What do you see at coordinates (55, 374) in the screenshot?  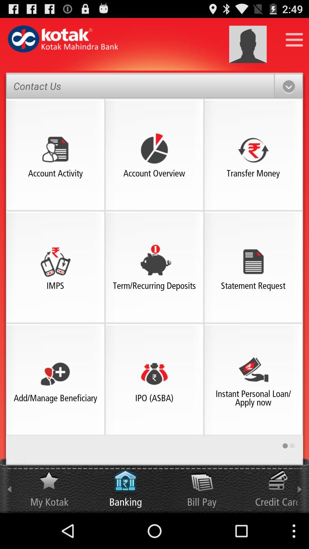 I see `the image above addmanage beneficiary` at bounding box center [55, 374].